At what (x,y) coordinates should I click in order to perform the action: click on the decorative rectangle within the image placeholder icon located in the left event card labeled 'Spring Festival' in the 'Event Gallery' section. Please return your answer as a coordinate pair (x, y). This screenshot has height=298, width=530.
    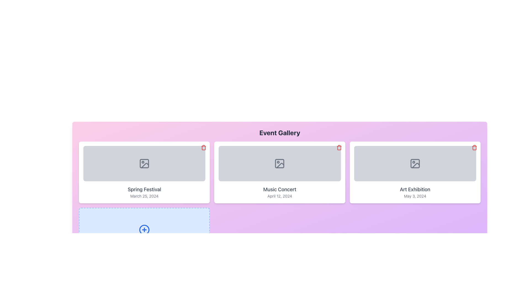
    Looking at the image, I should click on (144, 163).